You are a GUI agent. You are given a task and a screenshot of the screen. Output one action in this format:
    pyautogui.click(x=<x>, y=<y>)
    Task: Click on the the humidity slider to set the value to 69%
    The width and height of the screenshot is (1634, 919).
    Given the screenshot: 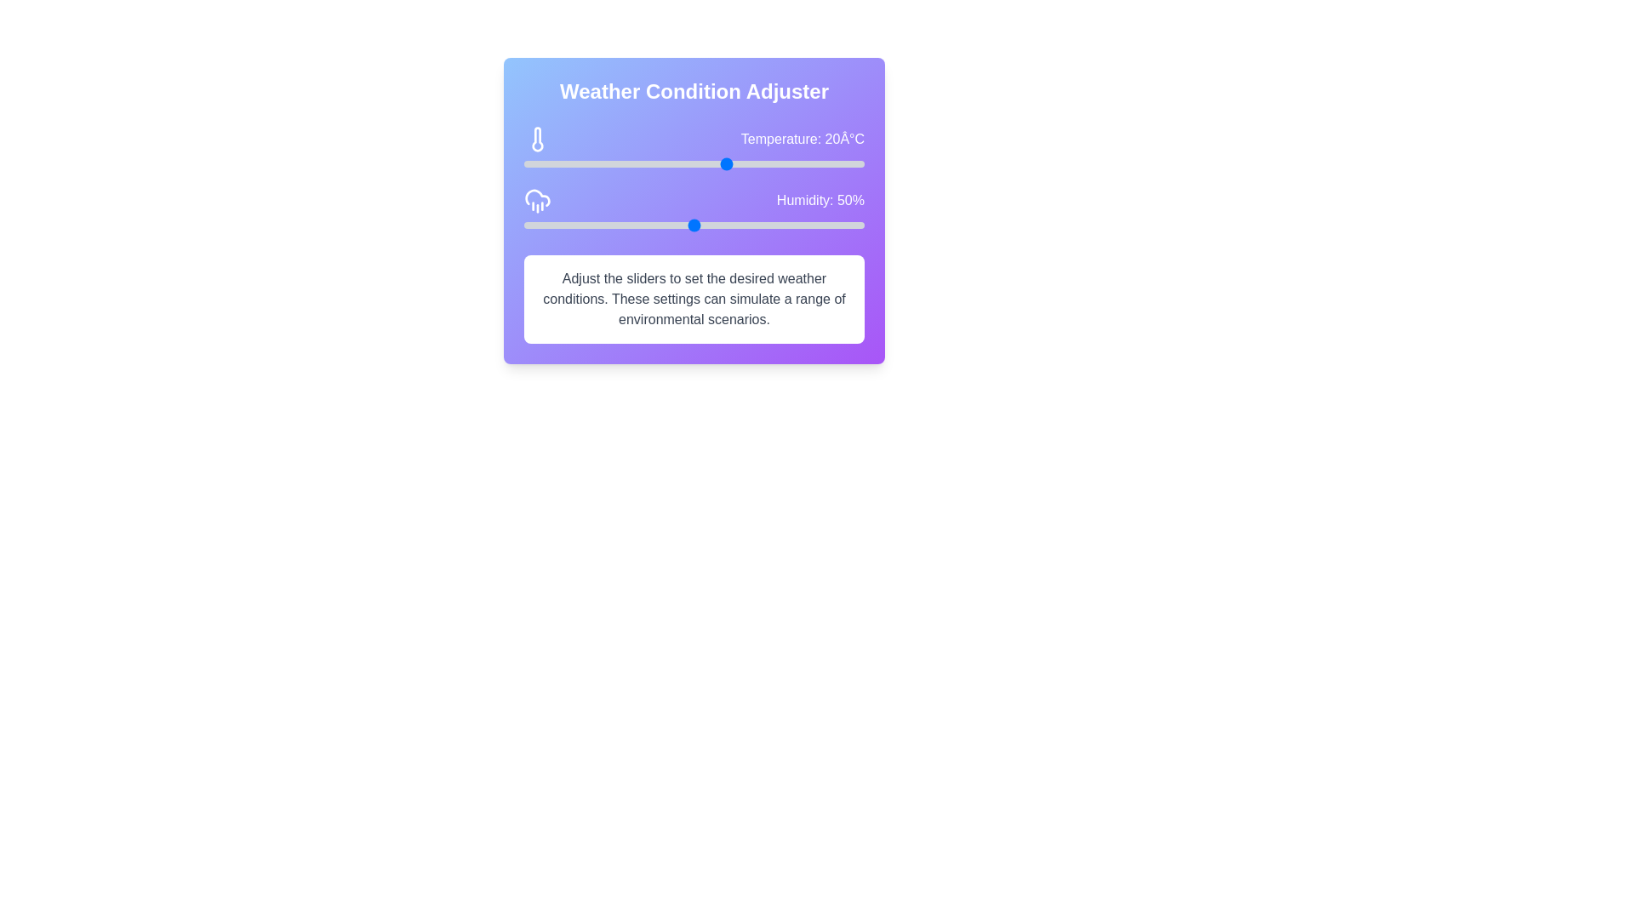 What is the action you would take?
    pyautogui.click(x=758, y=225)
    